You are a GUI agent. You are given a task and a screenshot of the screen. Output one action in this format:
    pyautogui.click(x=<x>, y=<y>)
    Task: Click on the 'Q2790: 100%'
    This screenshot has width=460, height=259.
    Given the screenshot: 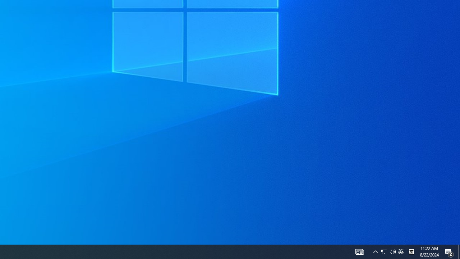 What is the action you would take?
    pyautogui.click(x=384, y=251)
    